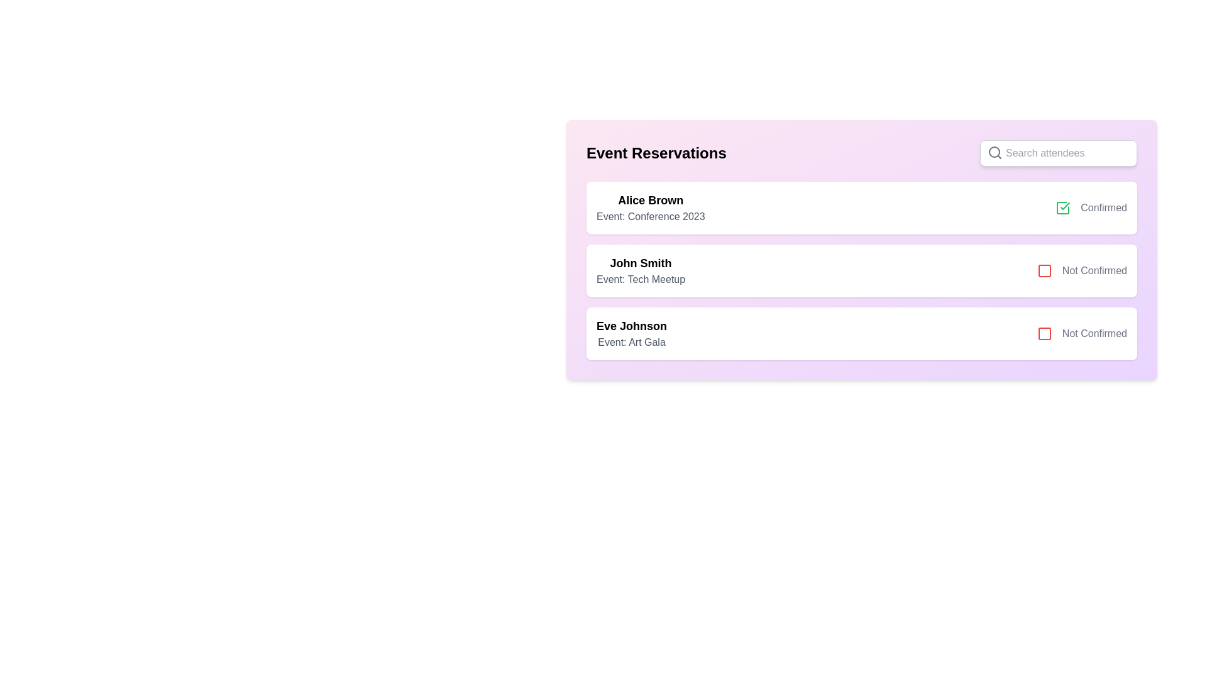  Describe the element at coordinates (631, 342) in the screenshot. I see `the text label stating 'Event: Art Gala', which is styled in gray font and positioned beneath the title 'Eve Johnson' in the 'Event Reservations' section` at that location.